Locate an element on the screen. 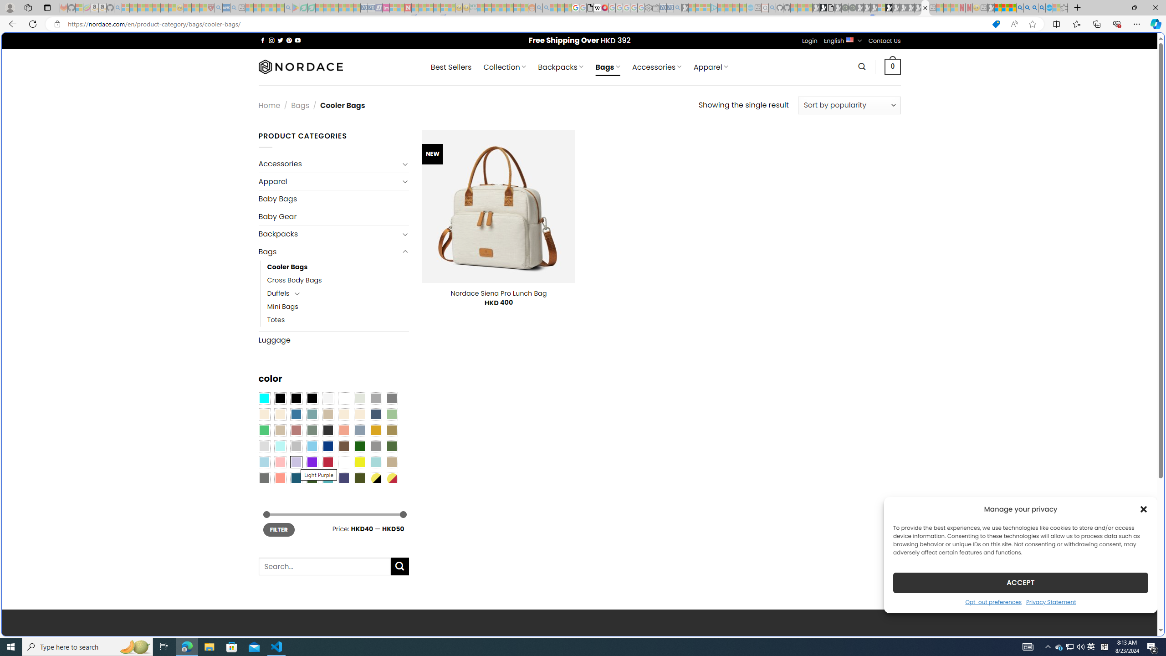 This screenshot has height=656, width=1166. 'Mini Bags' is located at coordinates (282, 307).